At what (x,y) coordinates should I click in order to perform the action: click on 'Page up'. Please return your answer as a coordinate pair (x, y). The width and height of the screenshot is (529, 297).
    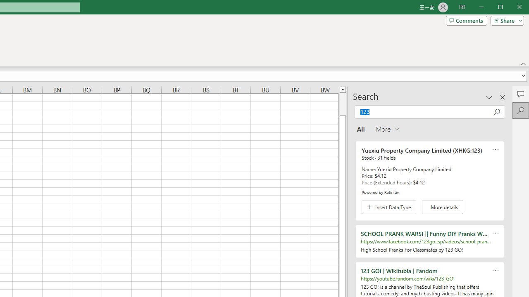
    Looking at the image, I should click on (343, 104).